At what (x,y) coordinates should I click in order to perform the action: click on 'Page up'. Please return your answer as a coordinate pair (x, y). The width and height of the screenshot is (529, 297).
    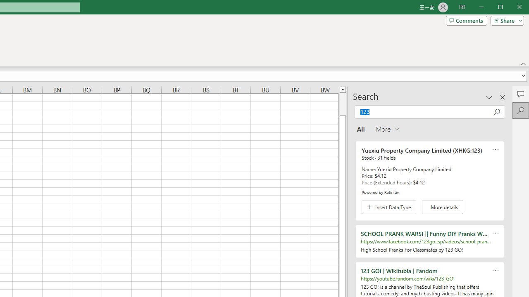
    Looking at the image, I should click on (343, 104).